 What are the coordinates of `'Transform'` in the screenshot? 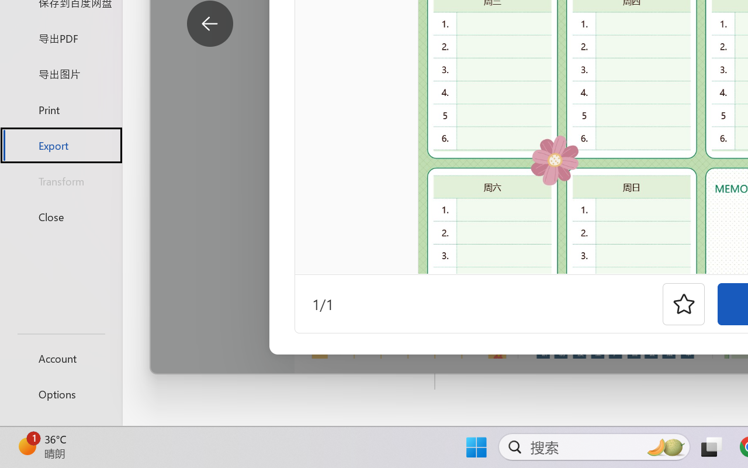 It's located at (60, 180).